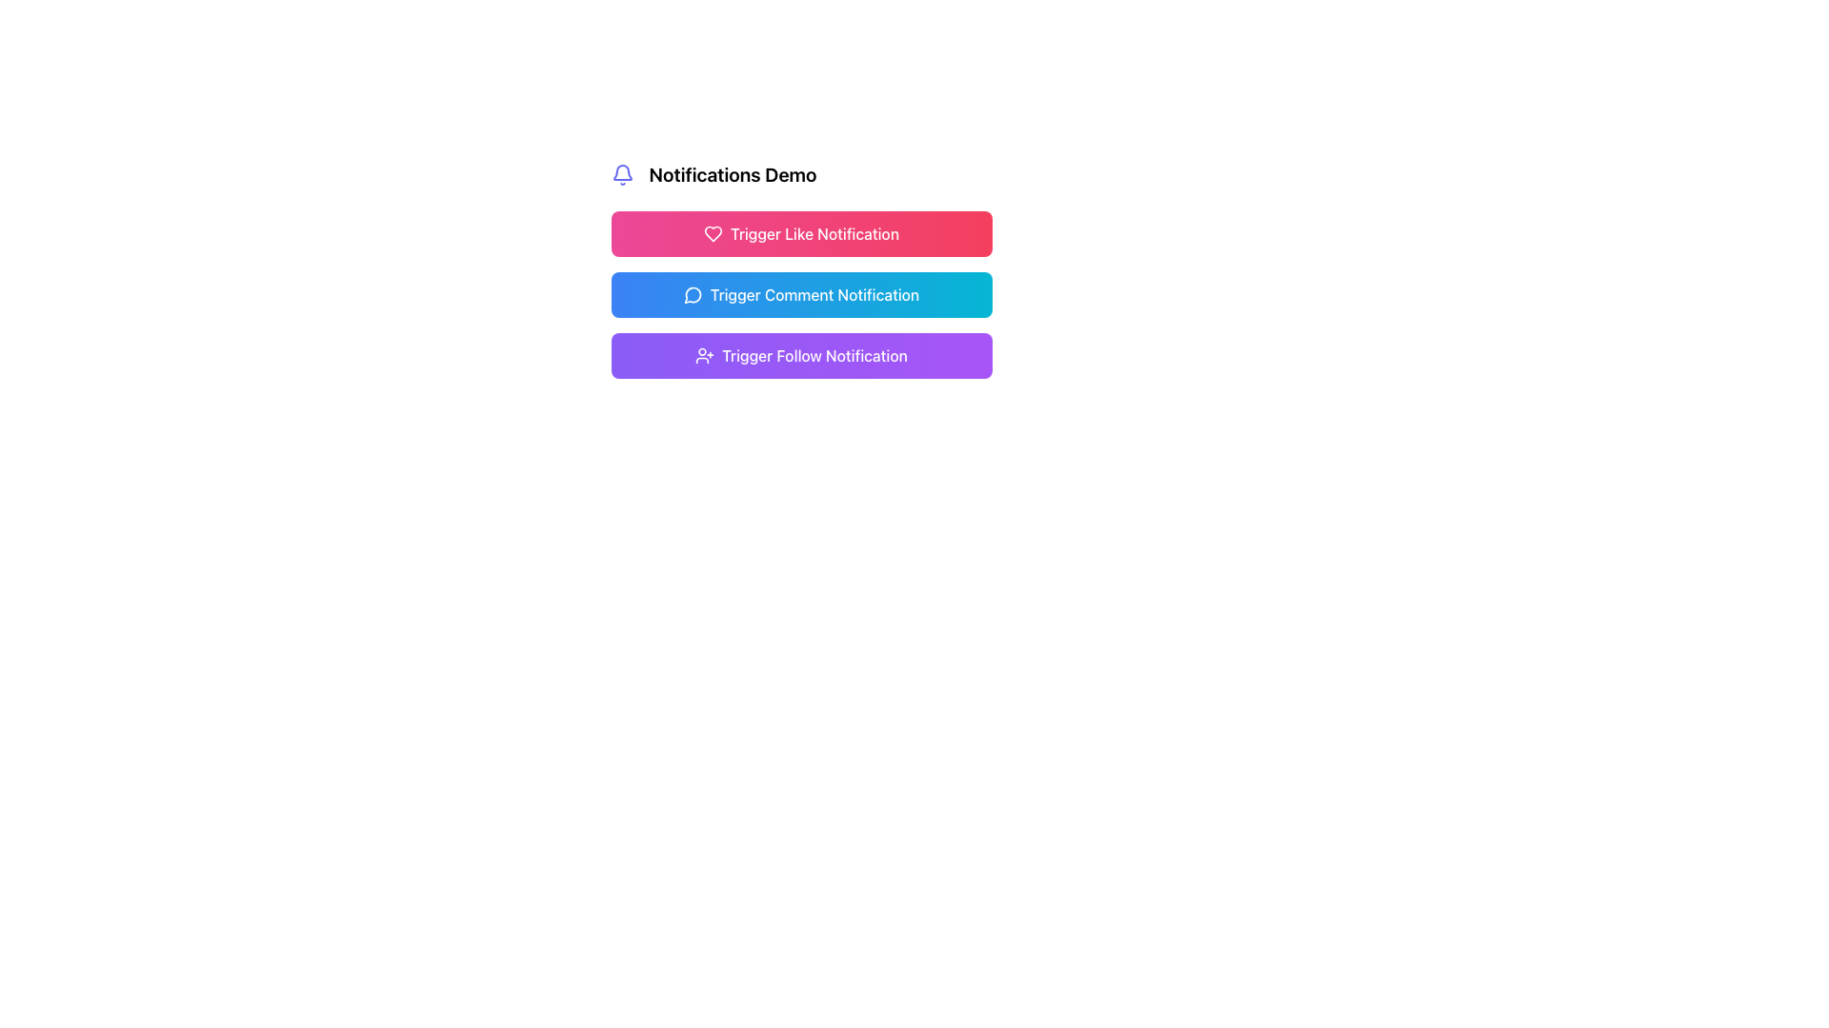 This screenshot has width=1829, height=1028. Describe the element at coordinates (692, 295) in the screenshot. I see `the outlined speech bubble icon located within the blue button labeled 'Trigger Comment Notification'` at that location.